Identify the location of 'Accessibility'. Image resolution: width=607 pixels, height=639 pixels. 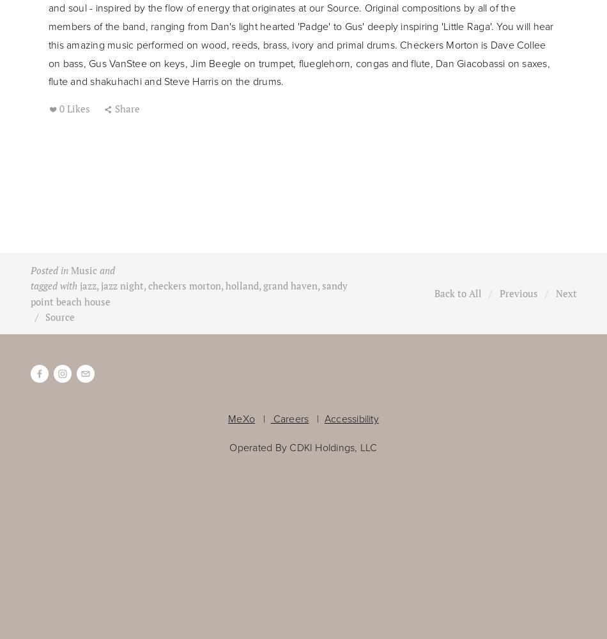
(351, 419).